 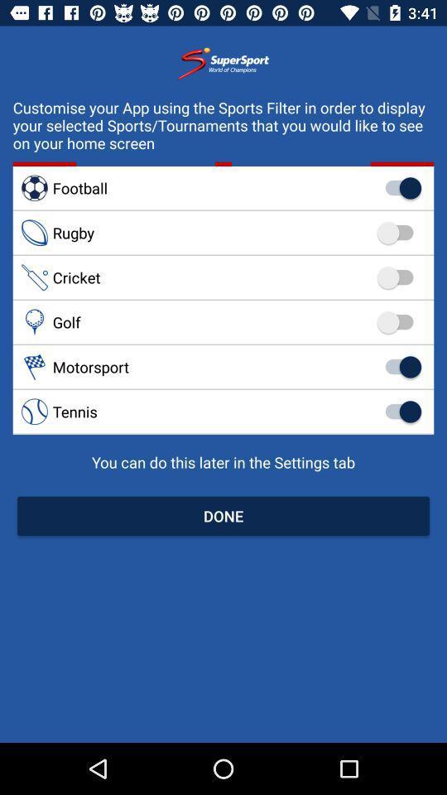 What do you see at coordinates (223, 515) in the screenshot?
I see `the item below the you can do item` at bounding box center [223, 515].